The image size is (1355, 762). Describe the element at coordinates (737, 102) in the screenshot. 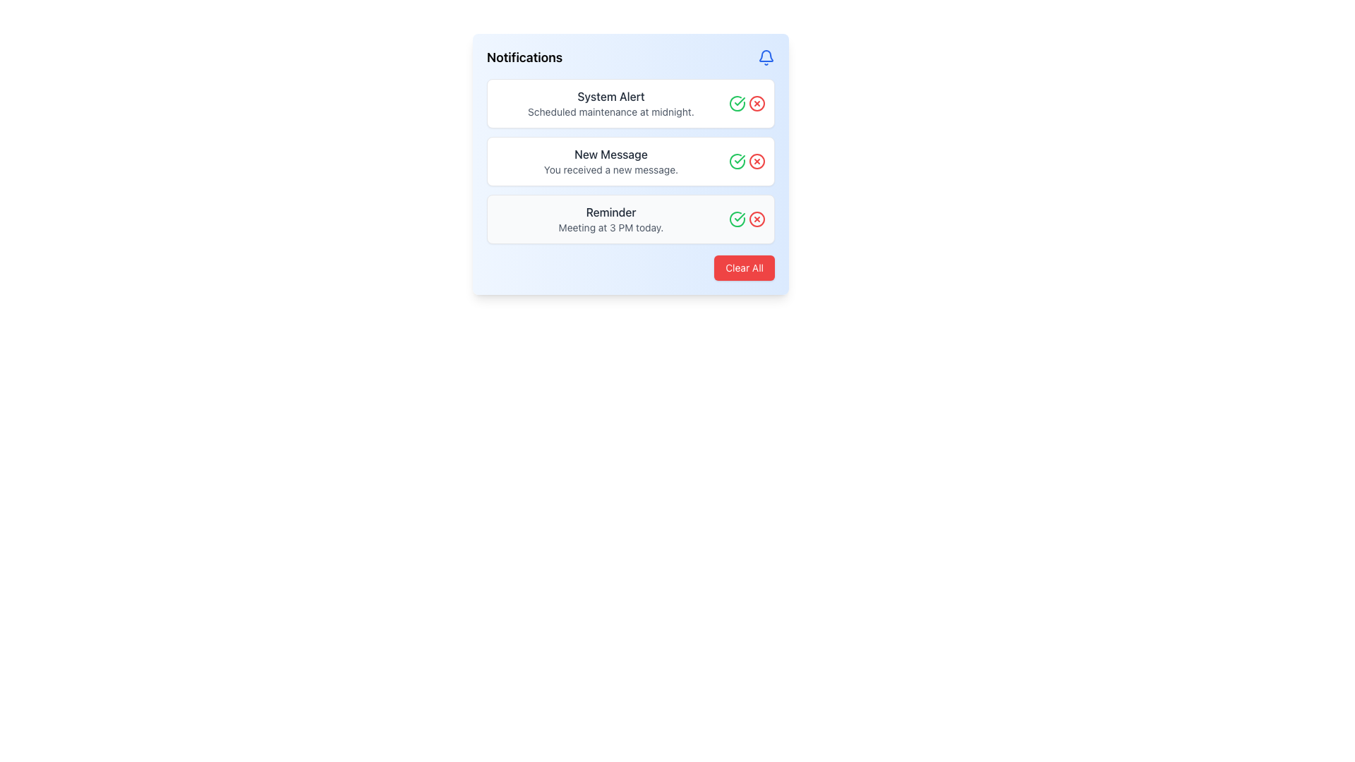

I see `the confirmation button for the 'System Alert' notification, which is the leftmost icon in the group of two interactive icons on the right side of the notification entry` at that location.